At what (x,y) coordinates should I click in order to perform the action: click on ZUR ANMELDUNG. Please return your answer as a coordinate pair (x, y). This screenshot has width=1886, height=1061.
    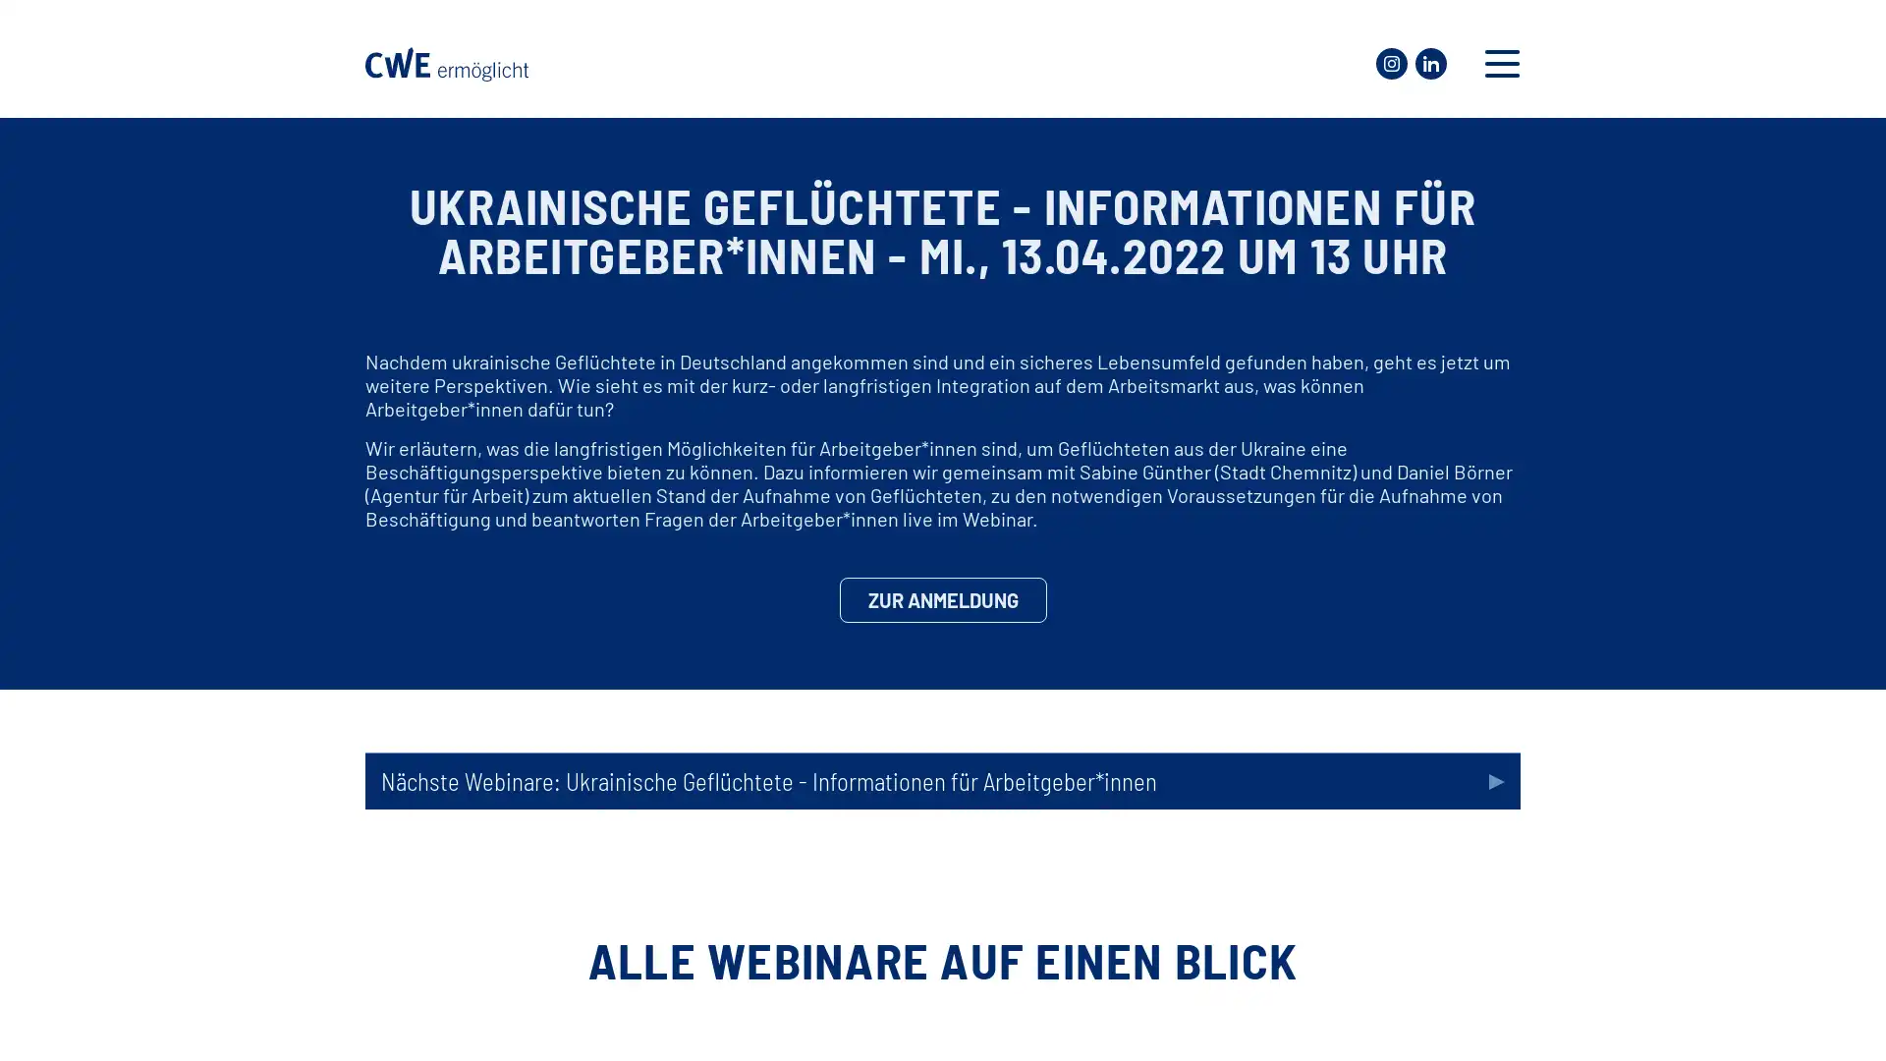
    Looking at the image, I should click on (941, 598).